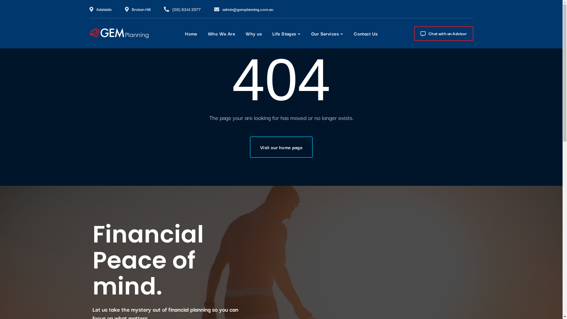 The width and height of the screenshot is (567, 319). I want to click on 'Gem Planning', so click(118, 33).